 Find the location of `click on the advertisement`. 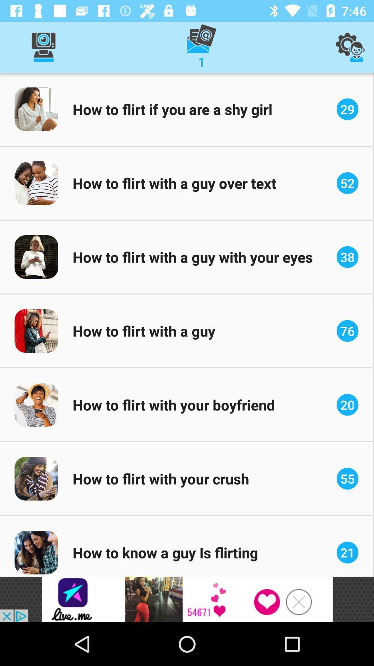

click on the advertisement is located at coordinates (187, 599).